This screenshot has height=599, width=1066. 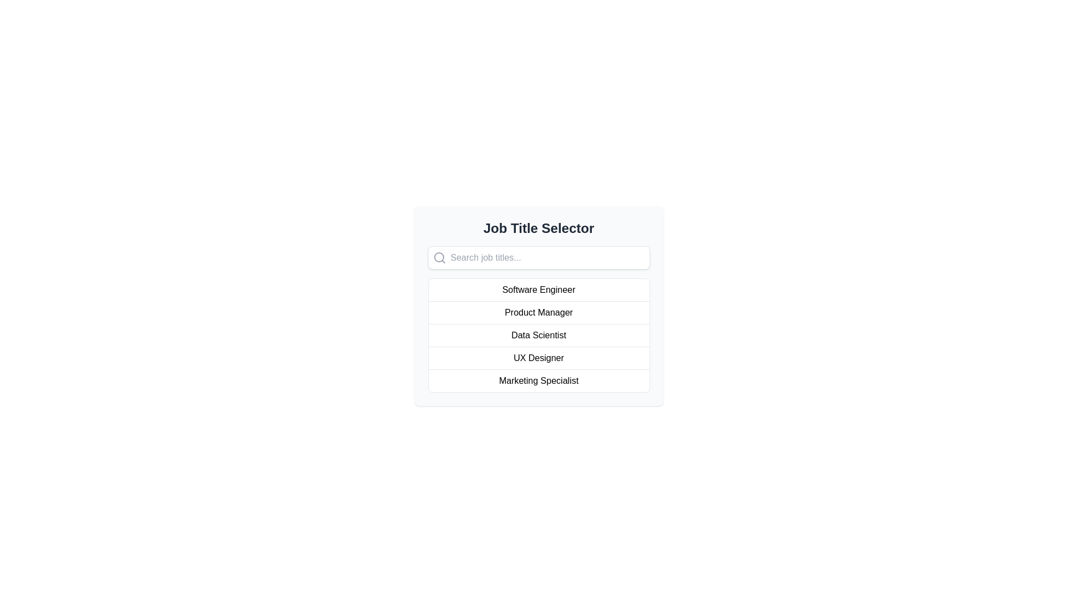 I want to click on the first job title option in the job title selection list, which is located directly below the search bar and above the 'Product Manager' label, so click(x=539, y=290).